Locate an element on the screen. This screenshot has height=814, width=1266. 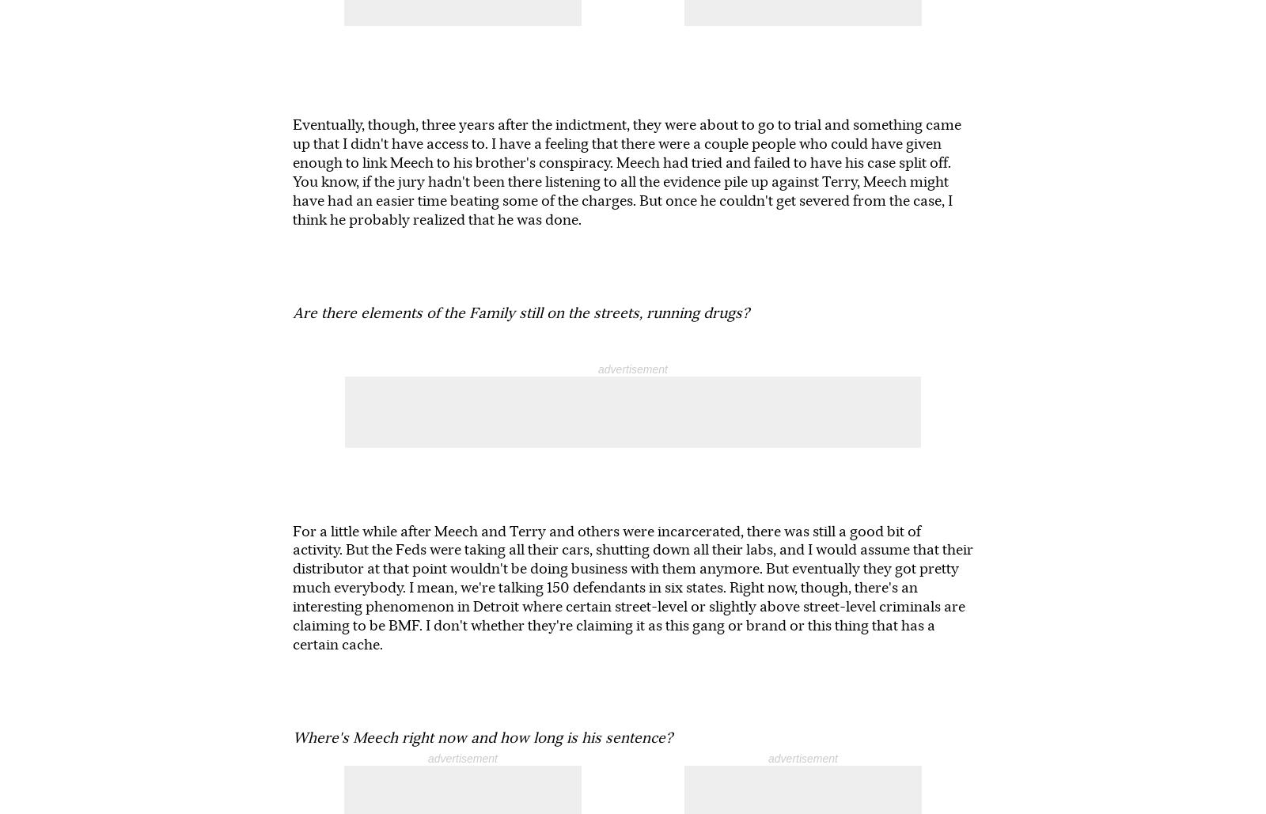
'BMF: The Rise and Fall of Big Meech and the Black Mafia Family.' is located at coordinates (722, 636).